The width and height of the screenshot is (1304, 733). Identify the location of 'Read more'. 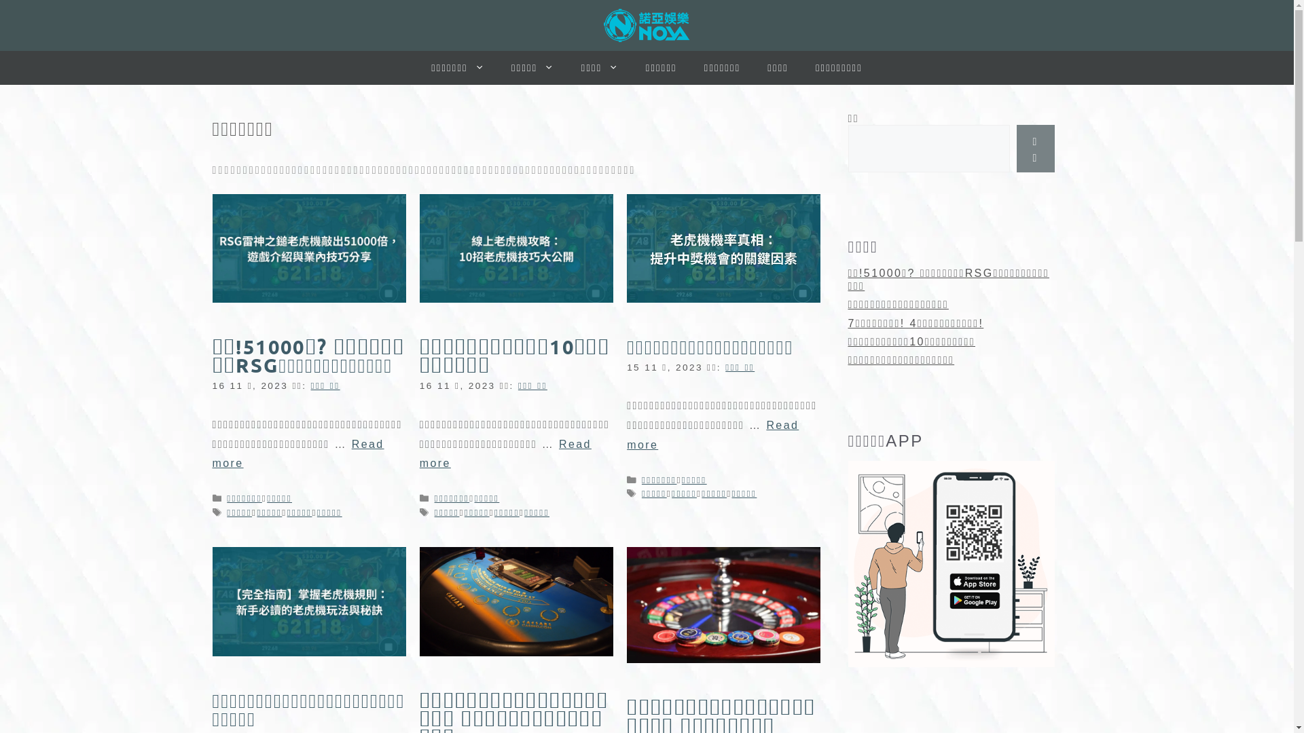
(712, 434).